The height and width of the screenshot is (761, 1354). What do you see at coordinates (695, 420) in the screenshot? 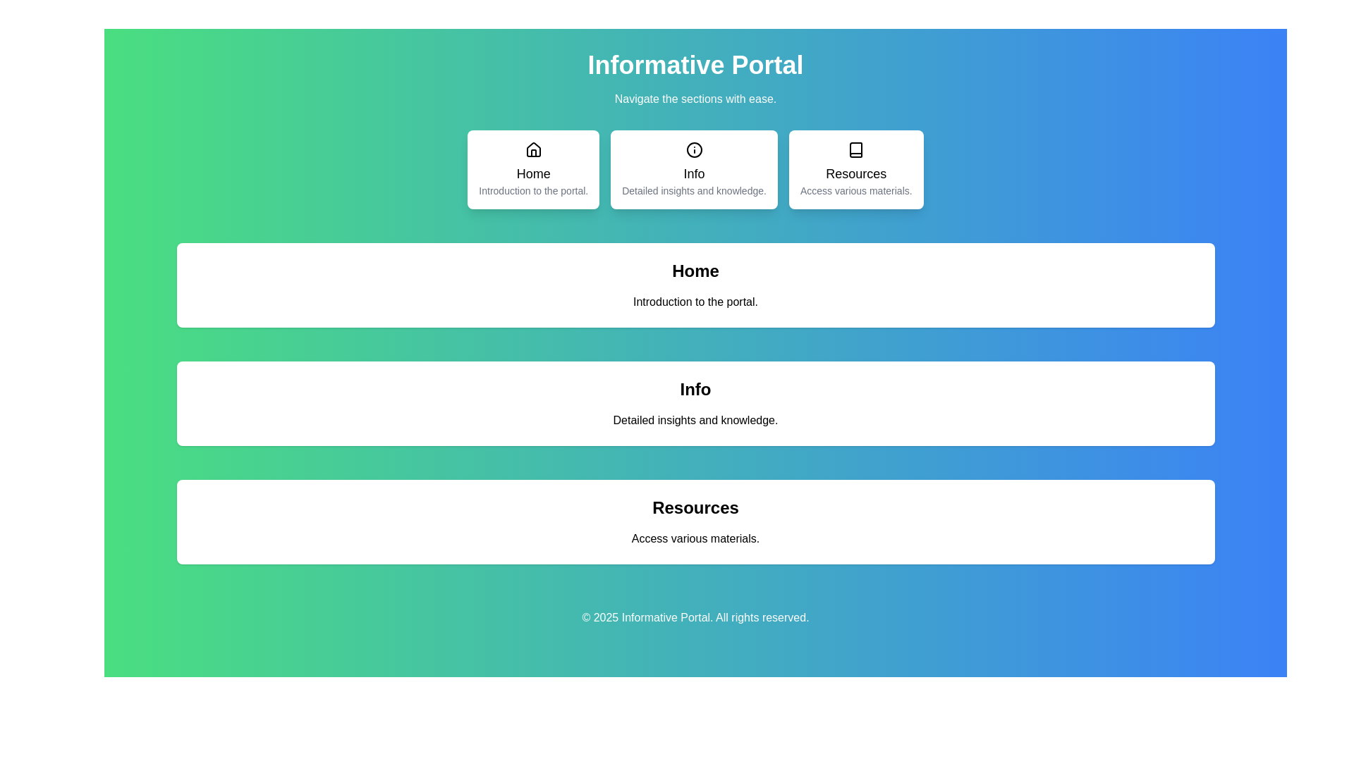
I see `text displayed in the Text Label that shows 'Detailed insights and knowledge.' located below the title 'Info.'` at bounding box center [695, 420].